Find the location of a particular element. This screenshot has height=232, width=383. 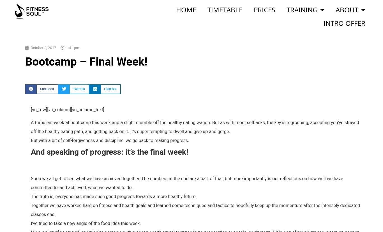

'A turbulent week at bootcamp this week and a slight stumble off the healthy eating wagon. But as with most setbacks, the key is regrouping, accepting you’ve strayed off the healthy eating path, and getting back on it. It’s super tempting to dwell and give up and gorge.' is located at coordinates (31, 126).